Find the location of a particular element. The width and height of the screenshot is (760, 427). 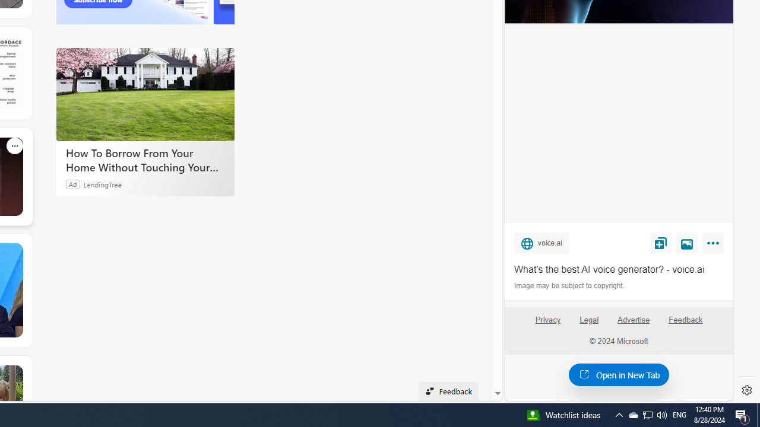

'More' is located at coordinates (714, 244).